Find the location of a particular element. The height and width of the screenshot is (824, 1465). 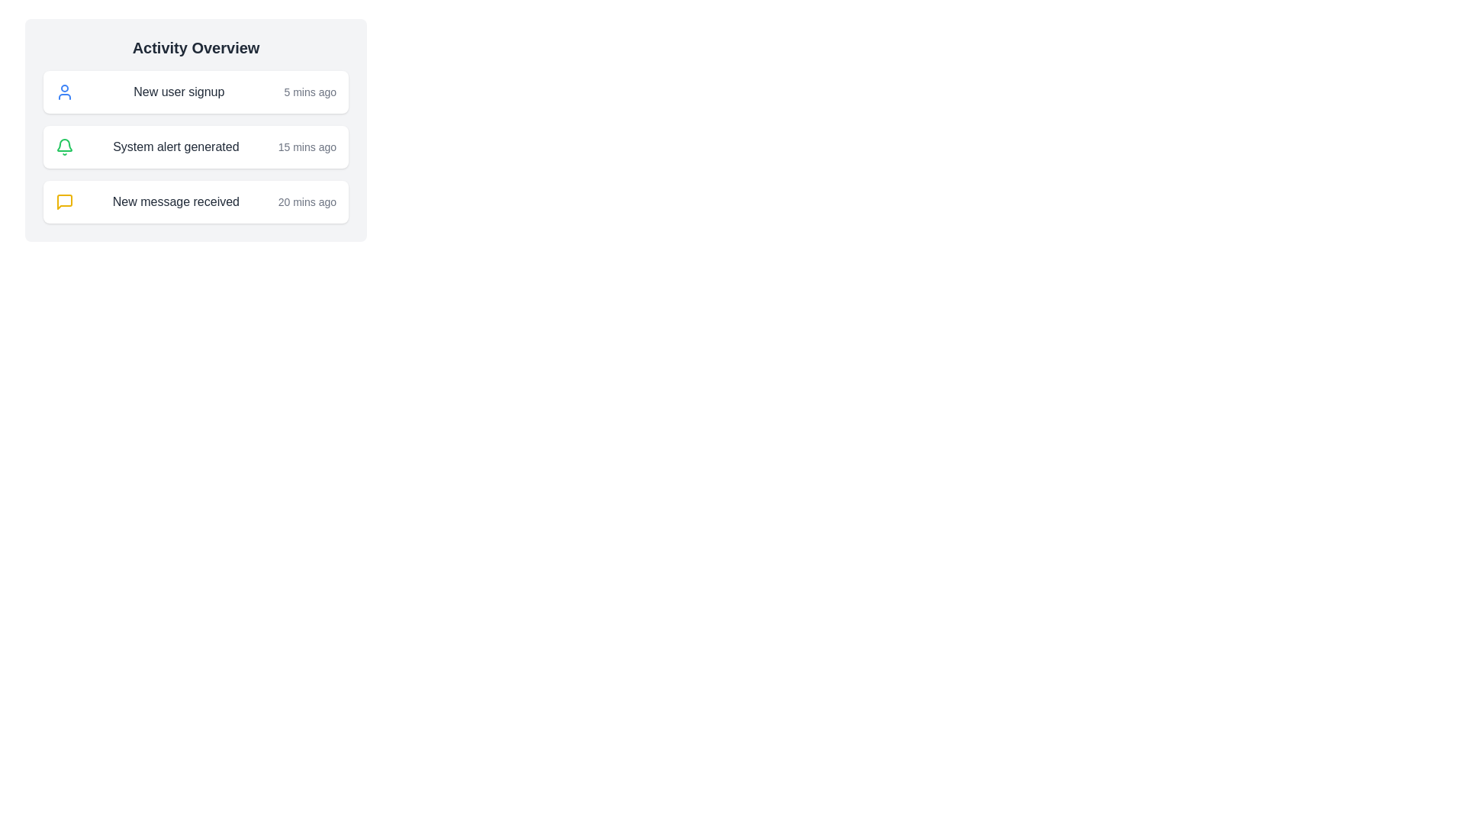

the text label indicating a new user signup activity is located at coordinates (179, 92).